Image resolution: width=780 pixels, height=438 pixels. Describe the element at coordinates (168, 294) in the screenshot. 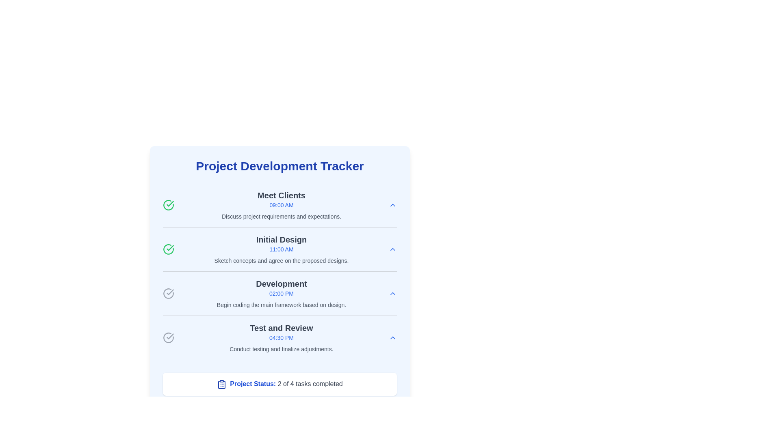

I see `the status icon indicating the completion or progress state of the task in the 'Development' section, positioned next to 'Development' and '02:00 PM.'` at that location.